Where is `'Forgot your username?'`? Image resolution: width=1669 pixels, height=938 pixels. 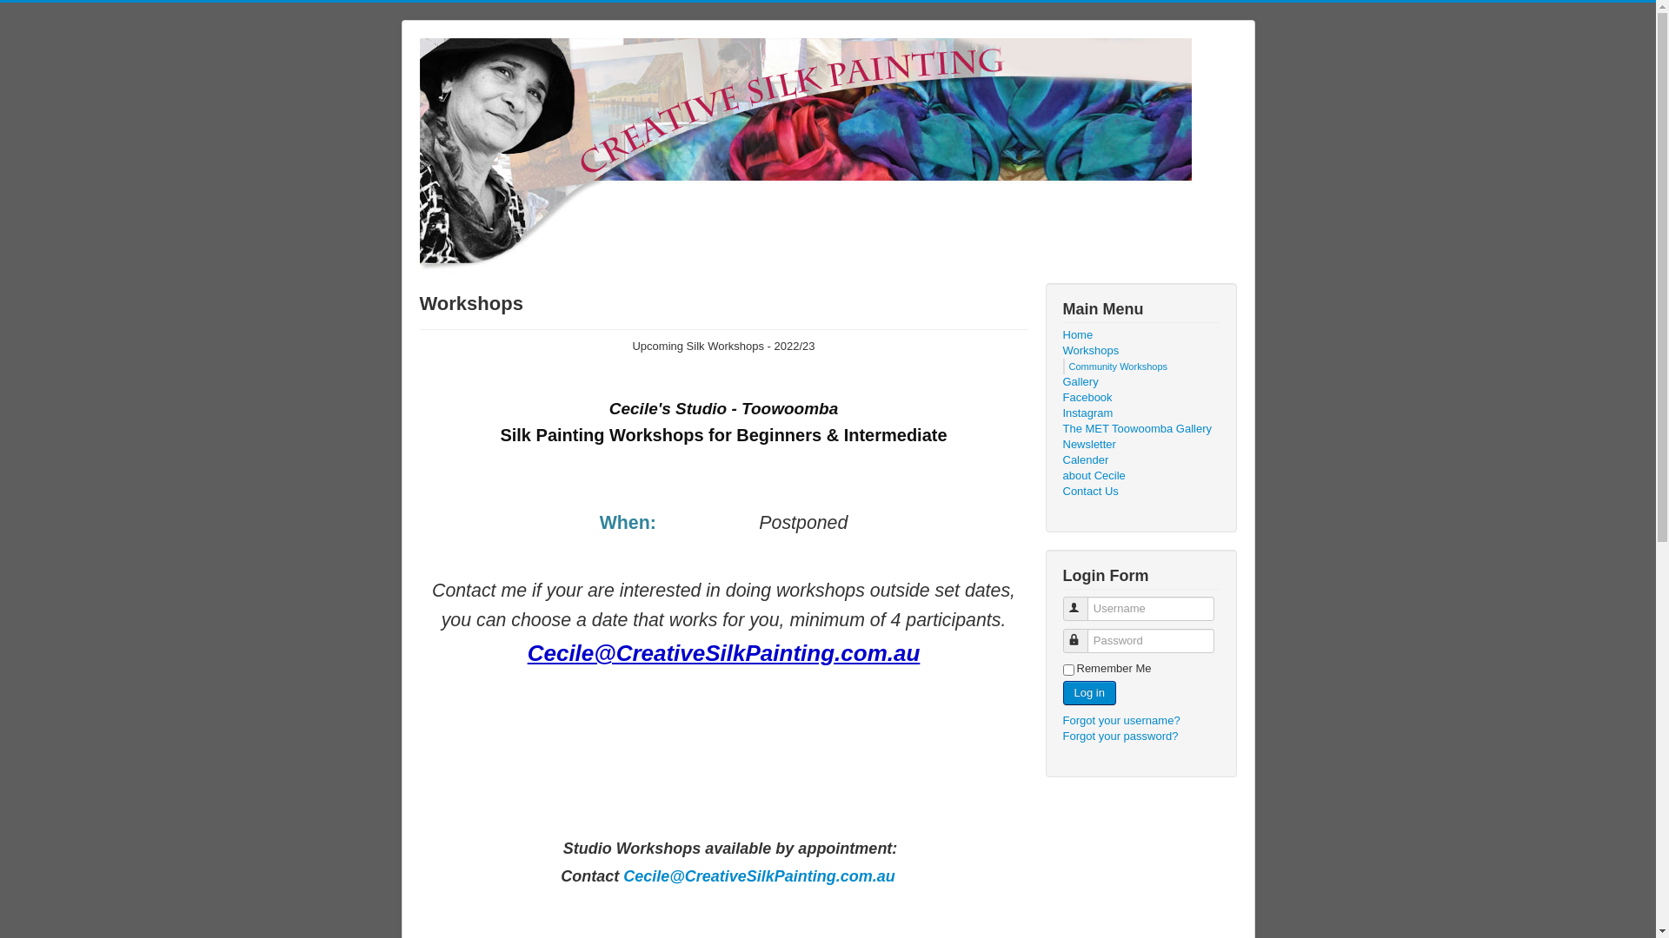
'Forgot your username?' is located at coordinates (1061, 720).